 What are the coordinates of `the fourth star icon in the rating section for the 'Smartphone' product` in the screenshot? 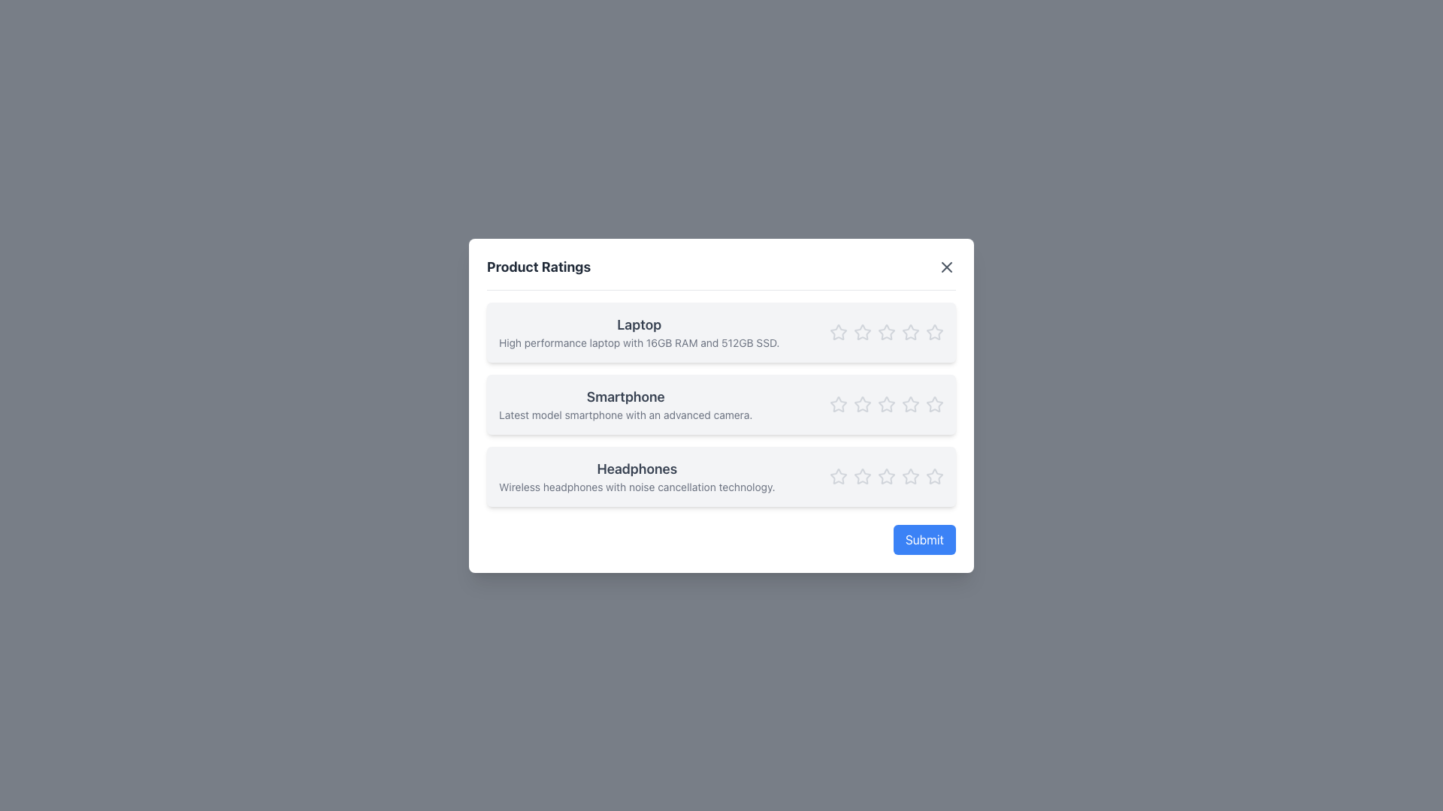 It's located at (909, 402).